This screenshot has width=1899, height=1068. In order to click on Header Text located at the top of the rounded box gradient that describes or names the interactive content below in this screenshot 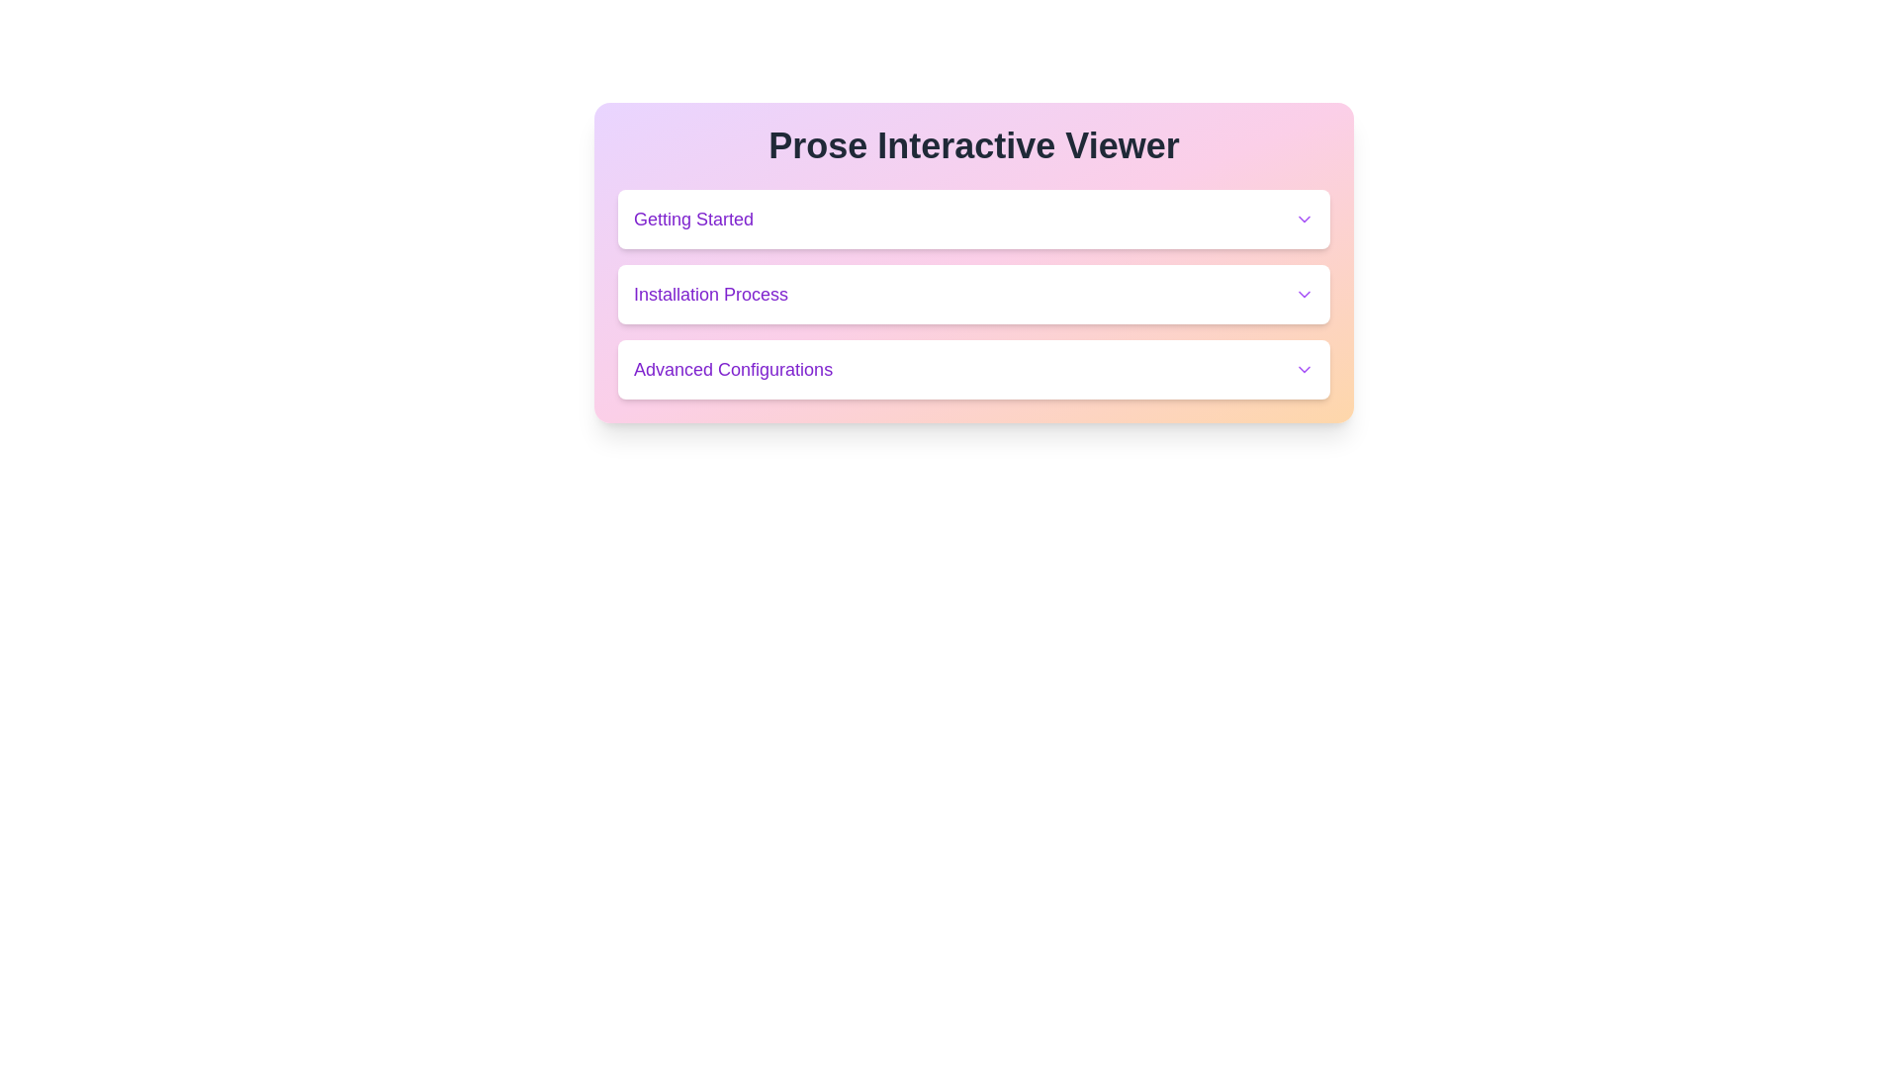, I will do `click(973, 144)`.